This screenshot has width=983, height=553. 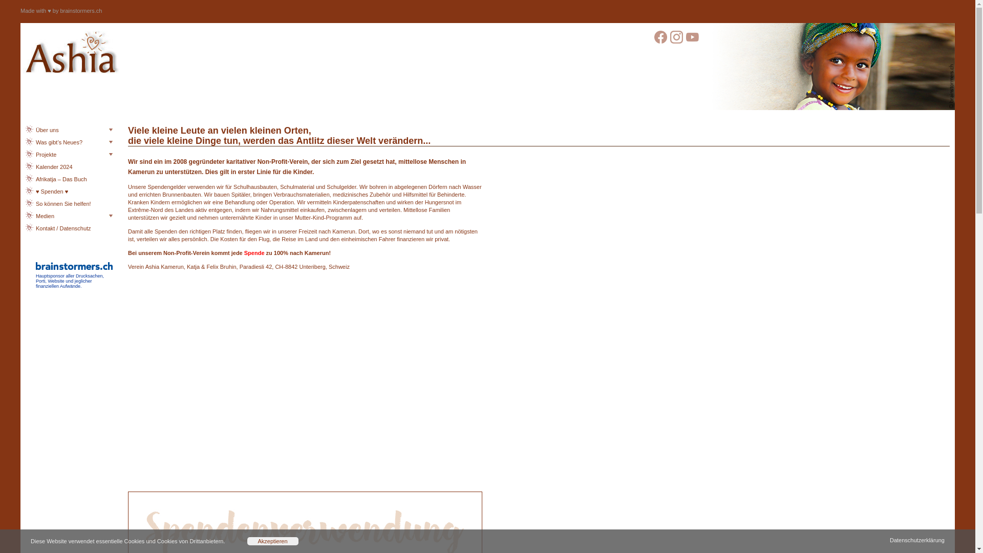 What do you see at coordinates (677, 41) in the screenshot?
I see `'   '` at bounding box center [677, 41].